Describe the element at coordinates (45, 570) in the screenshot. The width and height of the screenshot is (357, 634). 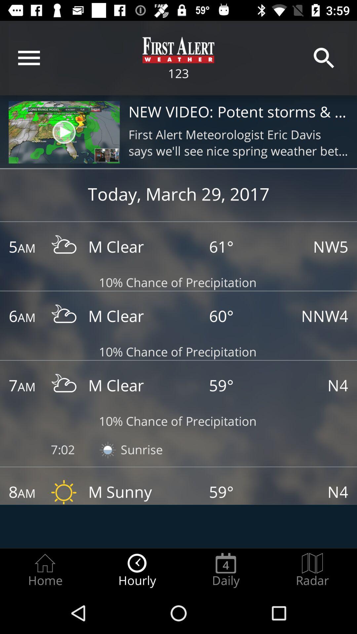
I see `item next to hourly item` at that location.